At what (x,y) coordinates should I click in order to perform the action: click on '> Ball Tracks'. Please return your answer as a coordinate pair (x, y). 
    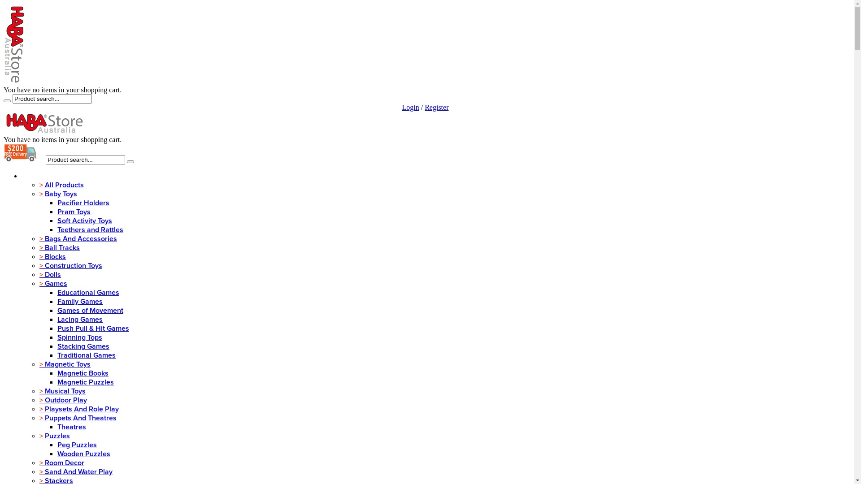
    Looking at the image, I should click on (59, 247).